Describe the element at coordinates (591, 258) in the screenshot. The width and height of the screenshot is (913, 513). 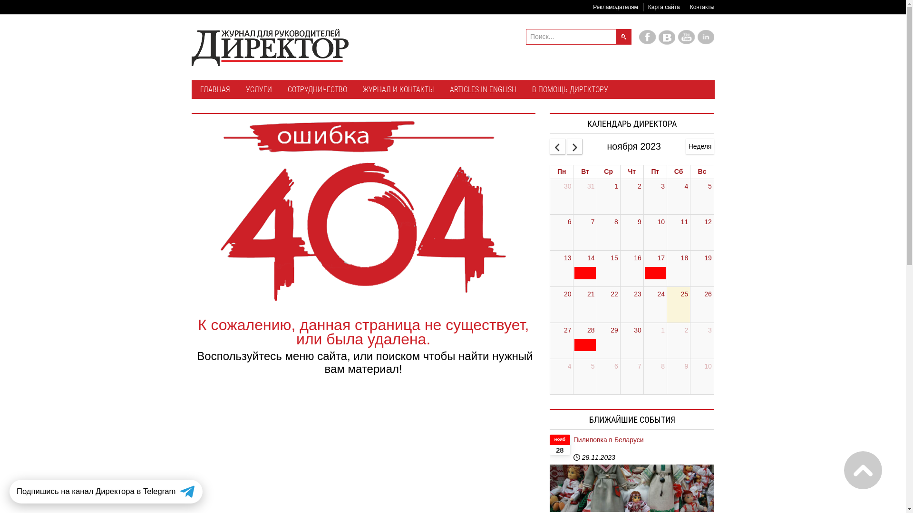
I see `'14'` at that location.